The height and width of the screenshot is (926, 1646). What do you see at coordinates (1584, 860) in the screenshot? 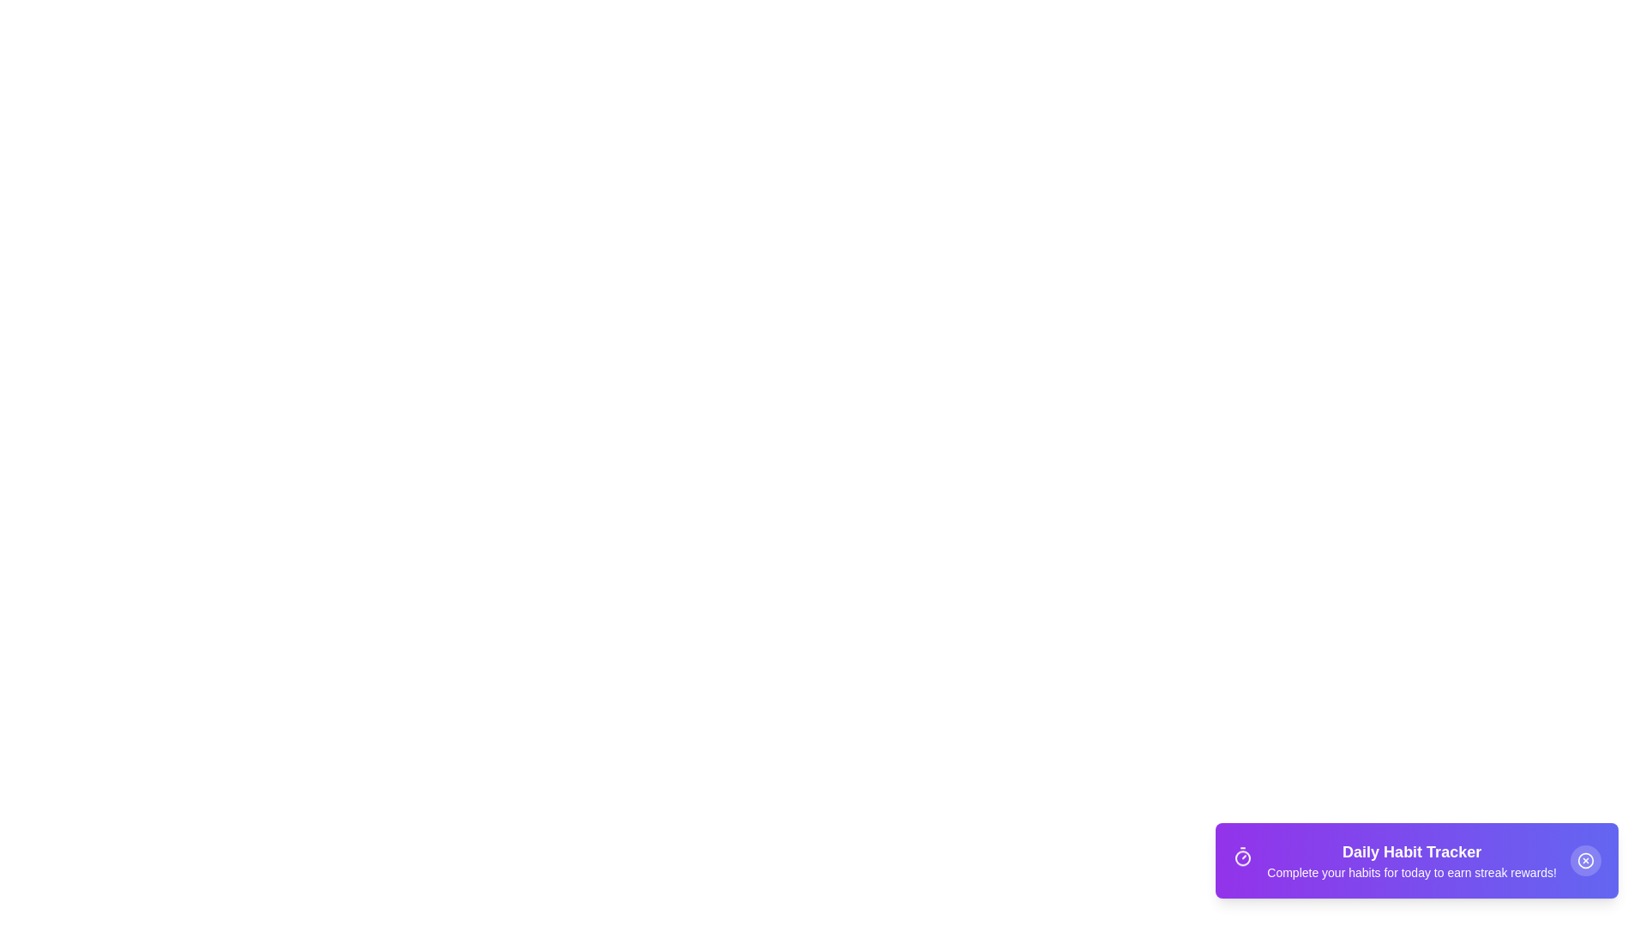
I see `the close button of the snackbar to dismiss it` at bounding box center [1584, 860].